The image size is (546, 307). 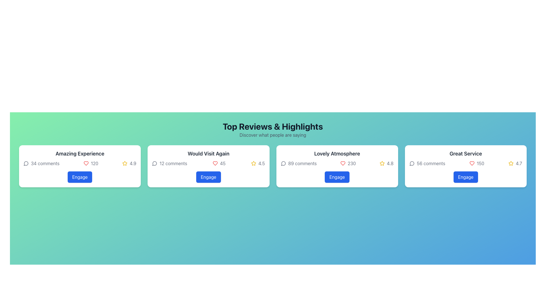 I want to click on the value displayed in the likes or favorites label located beneath the title of the 'Lovely Atmosphere' review card, to the right of the heart icon, so click(x=348, y=163).